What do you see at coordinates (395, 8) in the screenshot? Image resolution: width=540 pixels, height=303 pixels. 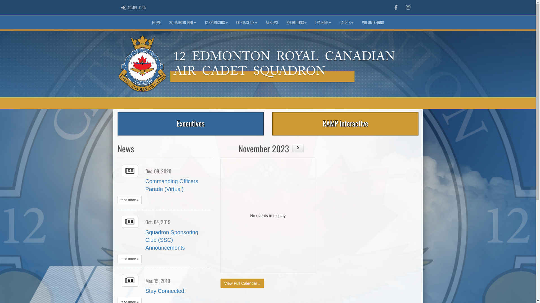 I see `'Facebook'` at bounding box center [395, 8].